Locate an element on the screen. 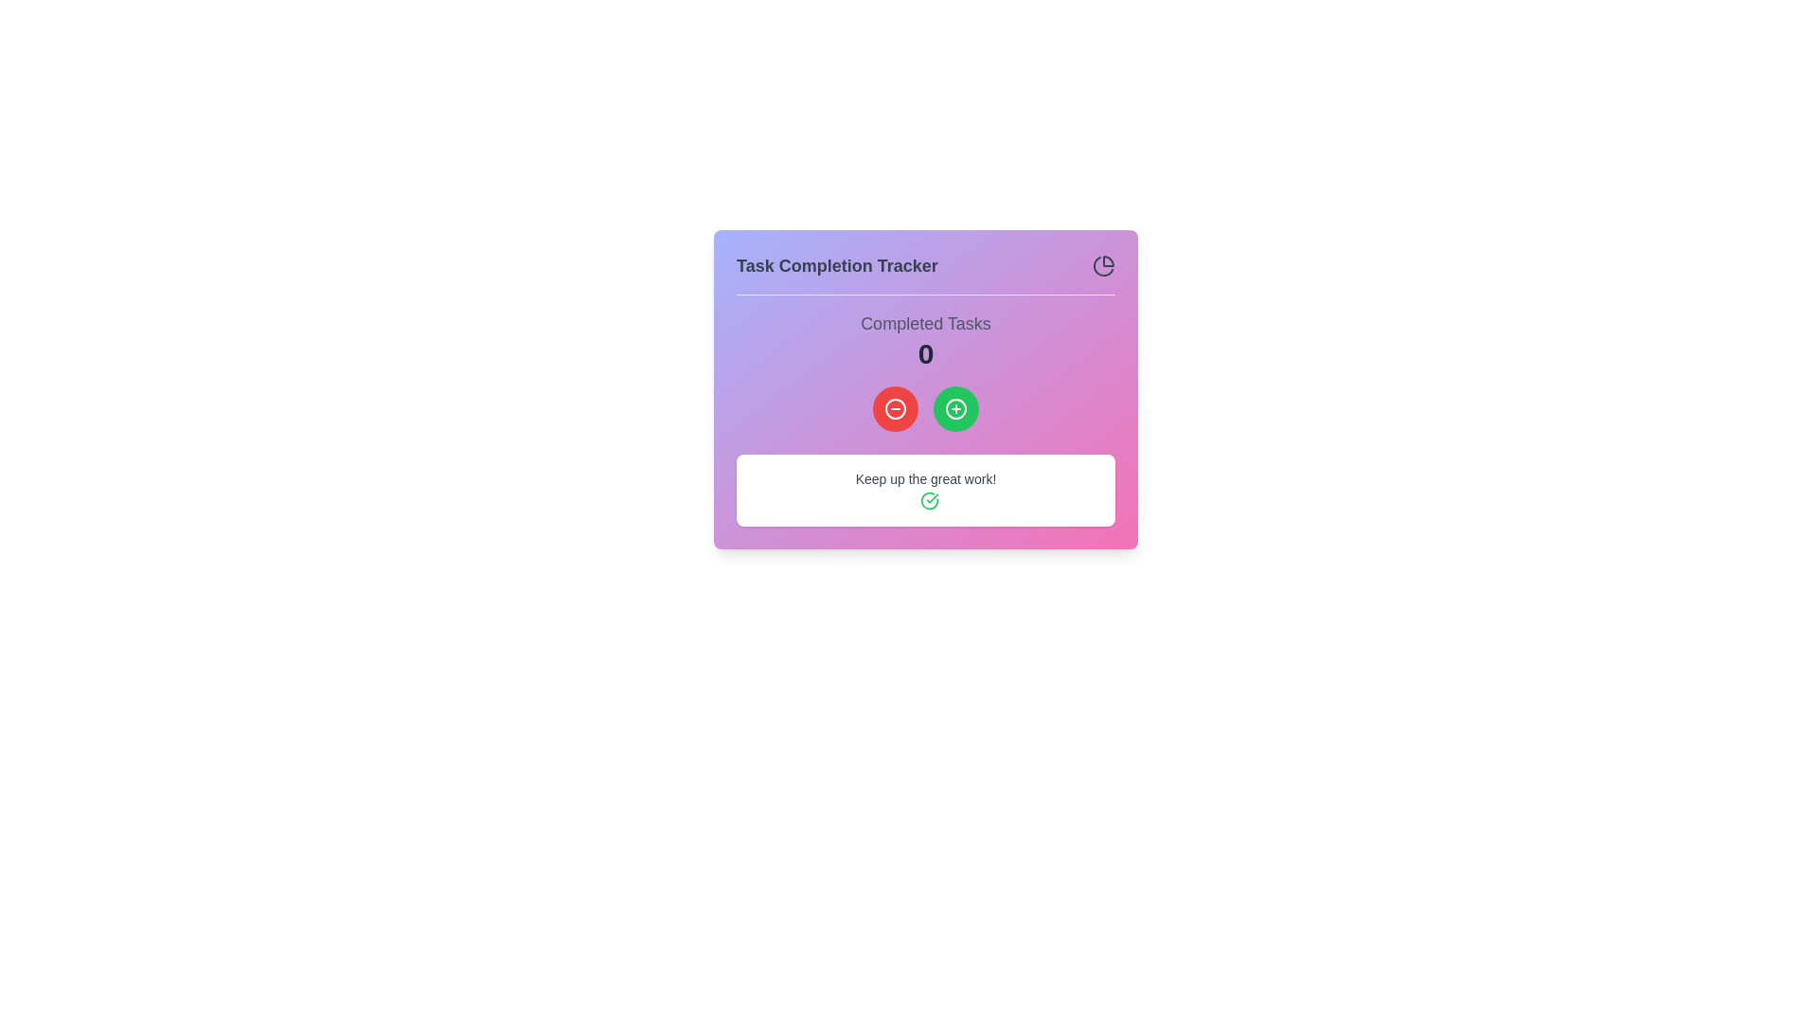 This screenshot has width=1818, height=1023. header text 'Task Completion Tracker' located at the top of the card, which provides context about task completion progress is located at coordinates (926, 274).